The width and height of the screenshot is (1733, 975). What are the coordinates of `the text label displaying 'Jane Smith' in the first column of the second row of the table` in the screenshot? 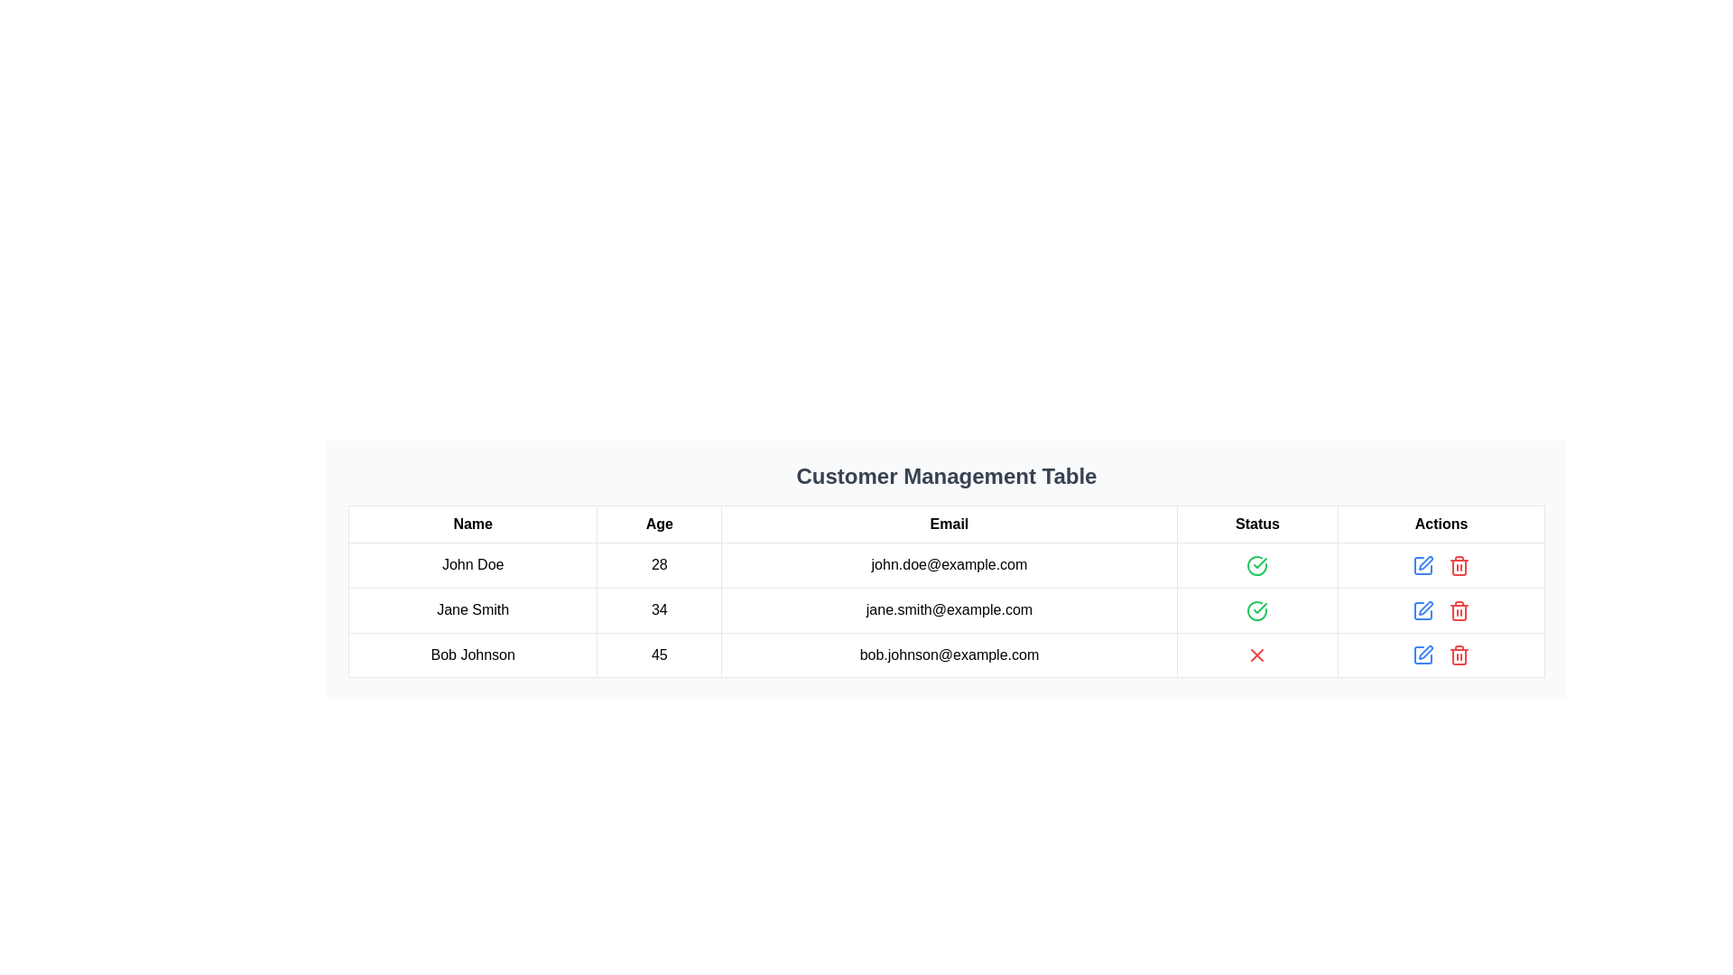 It's located at (473, 609).